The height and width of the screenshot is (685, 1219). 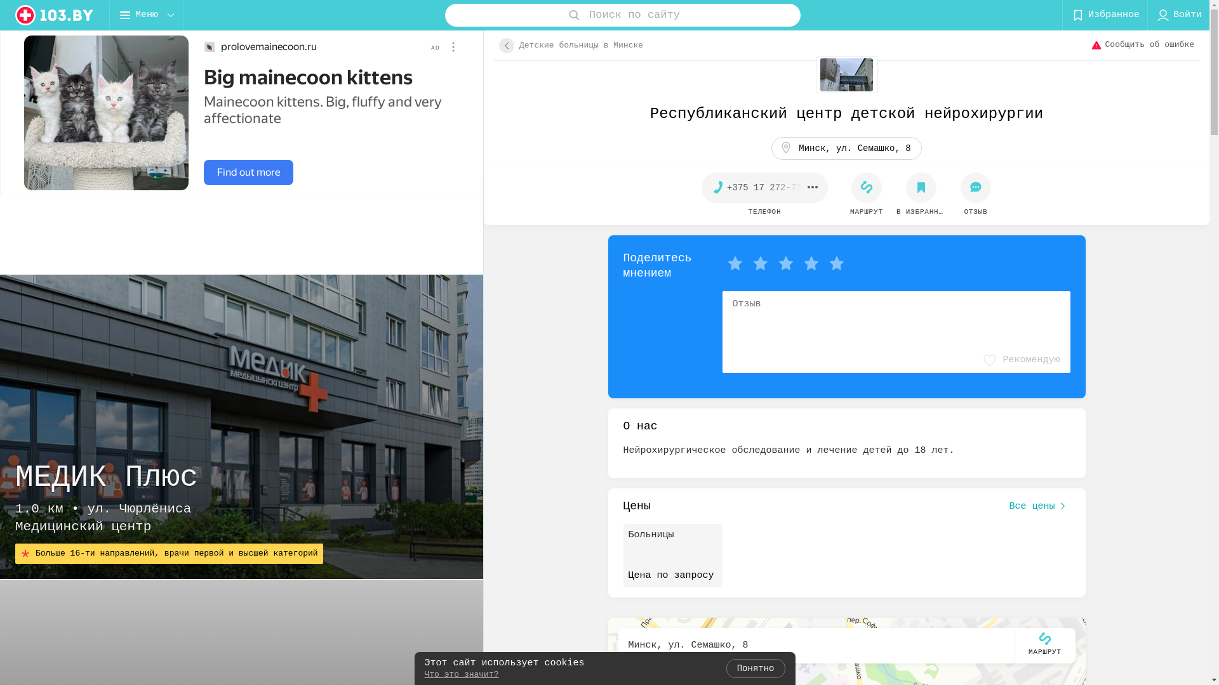 I want to click on 'logo', so click(x=15, y=15).